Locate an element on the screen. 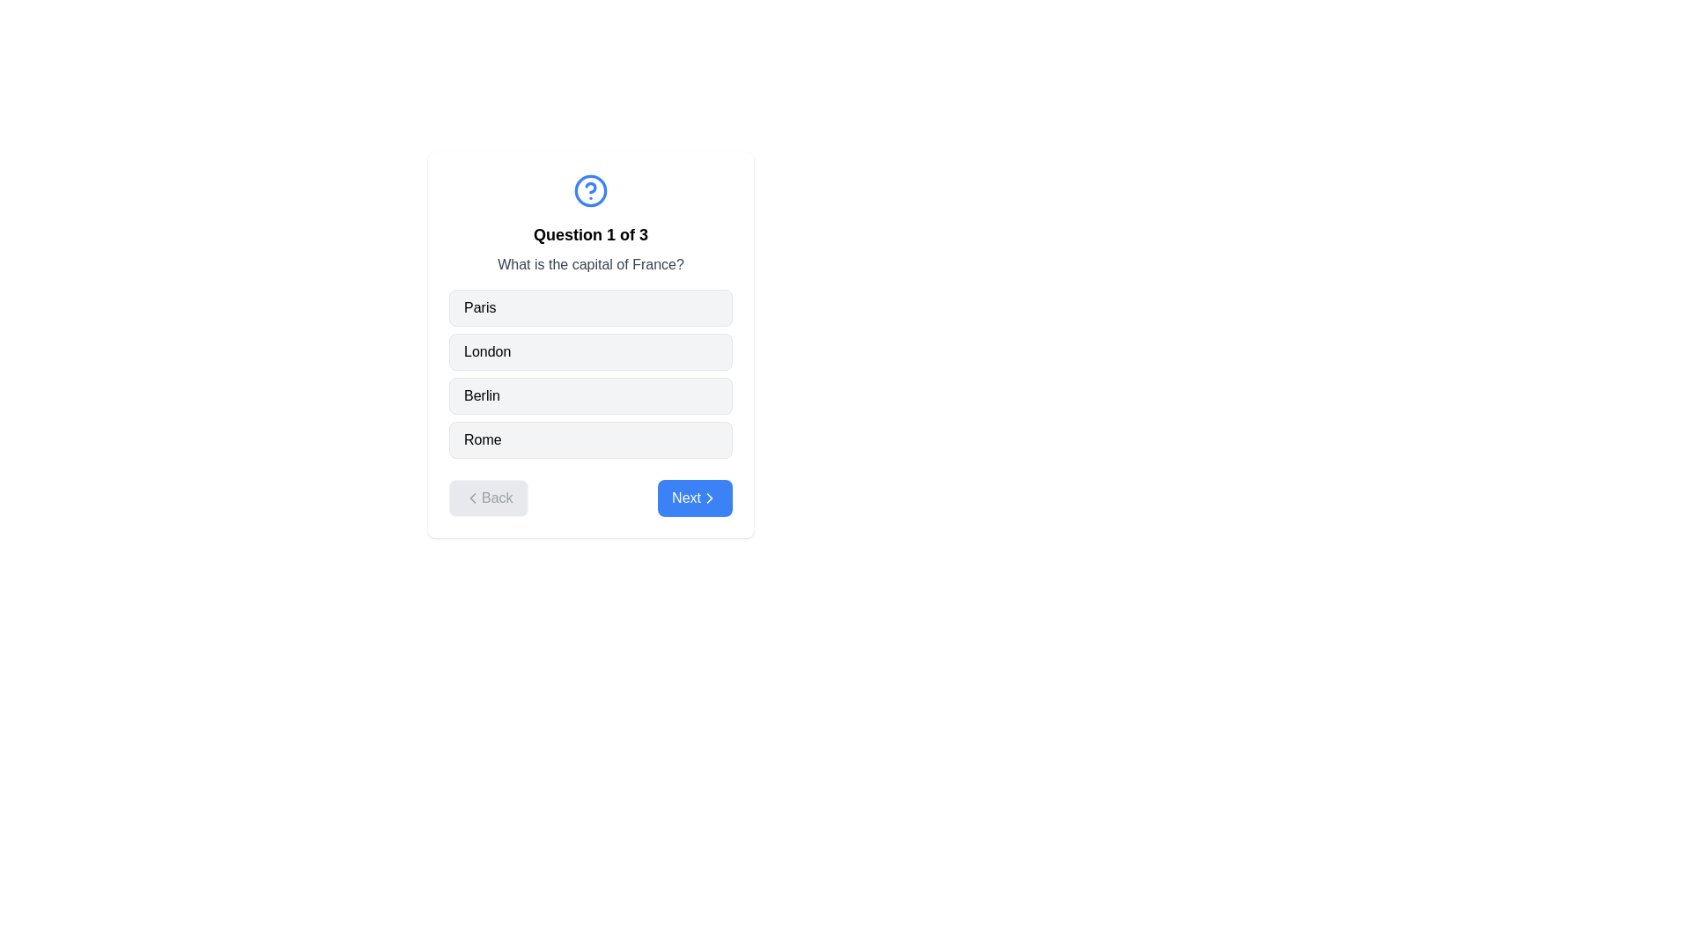  the fourth option text label in the interactive list of a multiple-choice question is located at coordinates (483, 439).